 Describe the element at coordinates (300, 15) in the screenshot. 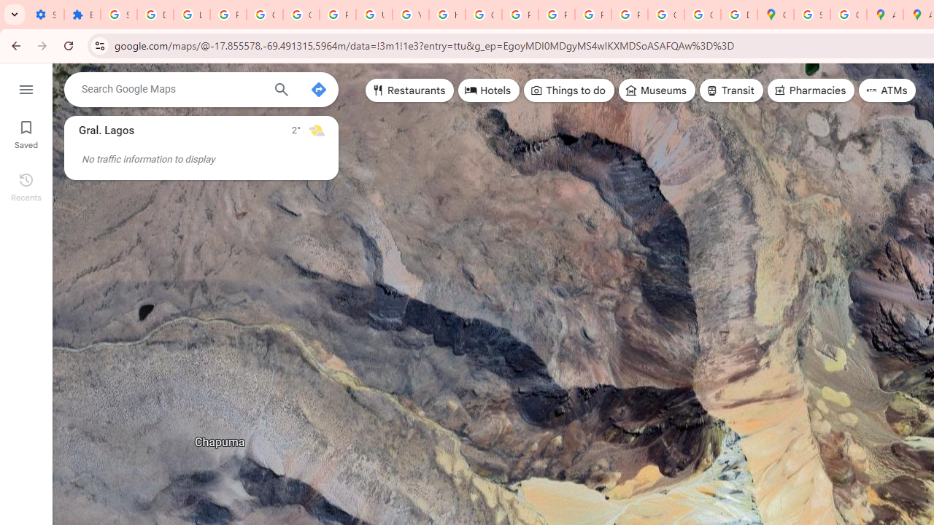

I see `'Google Account Help'` at that location.